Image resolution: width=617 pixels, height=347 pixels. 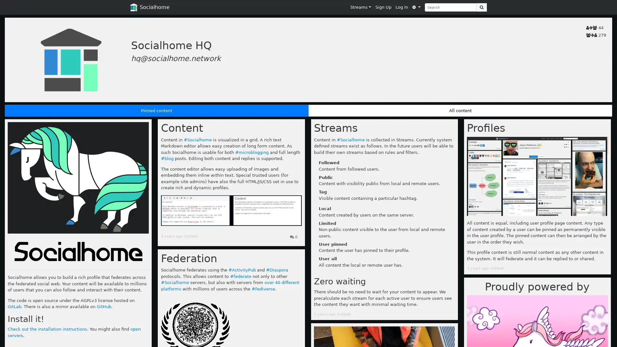 I want to click on Search, so click(x=481, y=7).